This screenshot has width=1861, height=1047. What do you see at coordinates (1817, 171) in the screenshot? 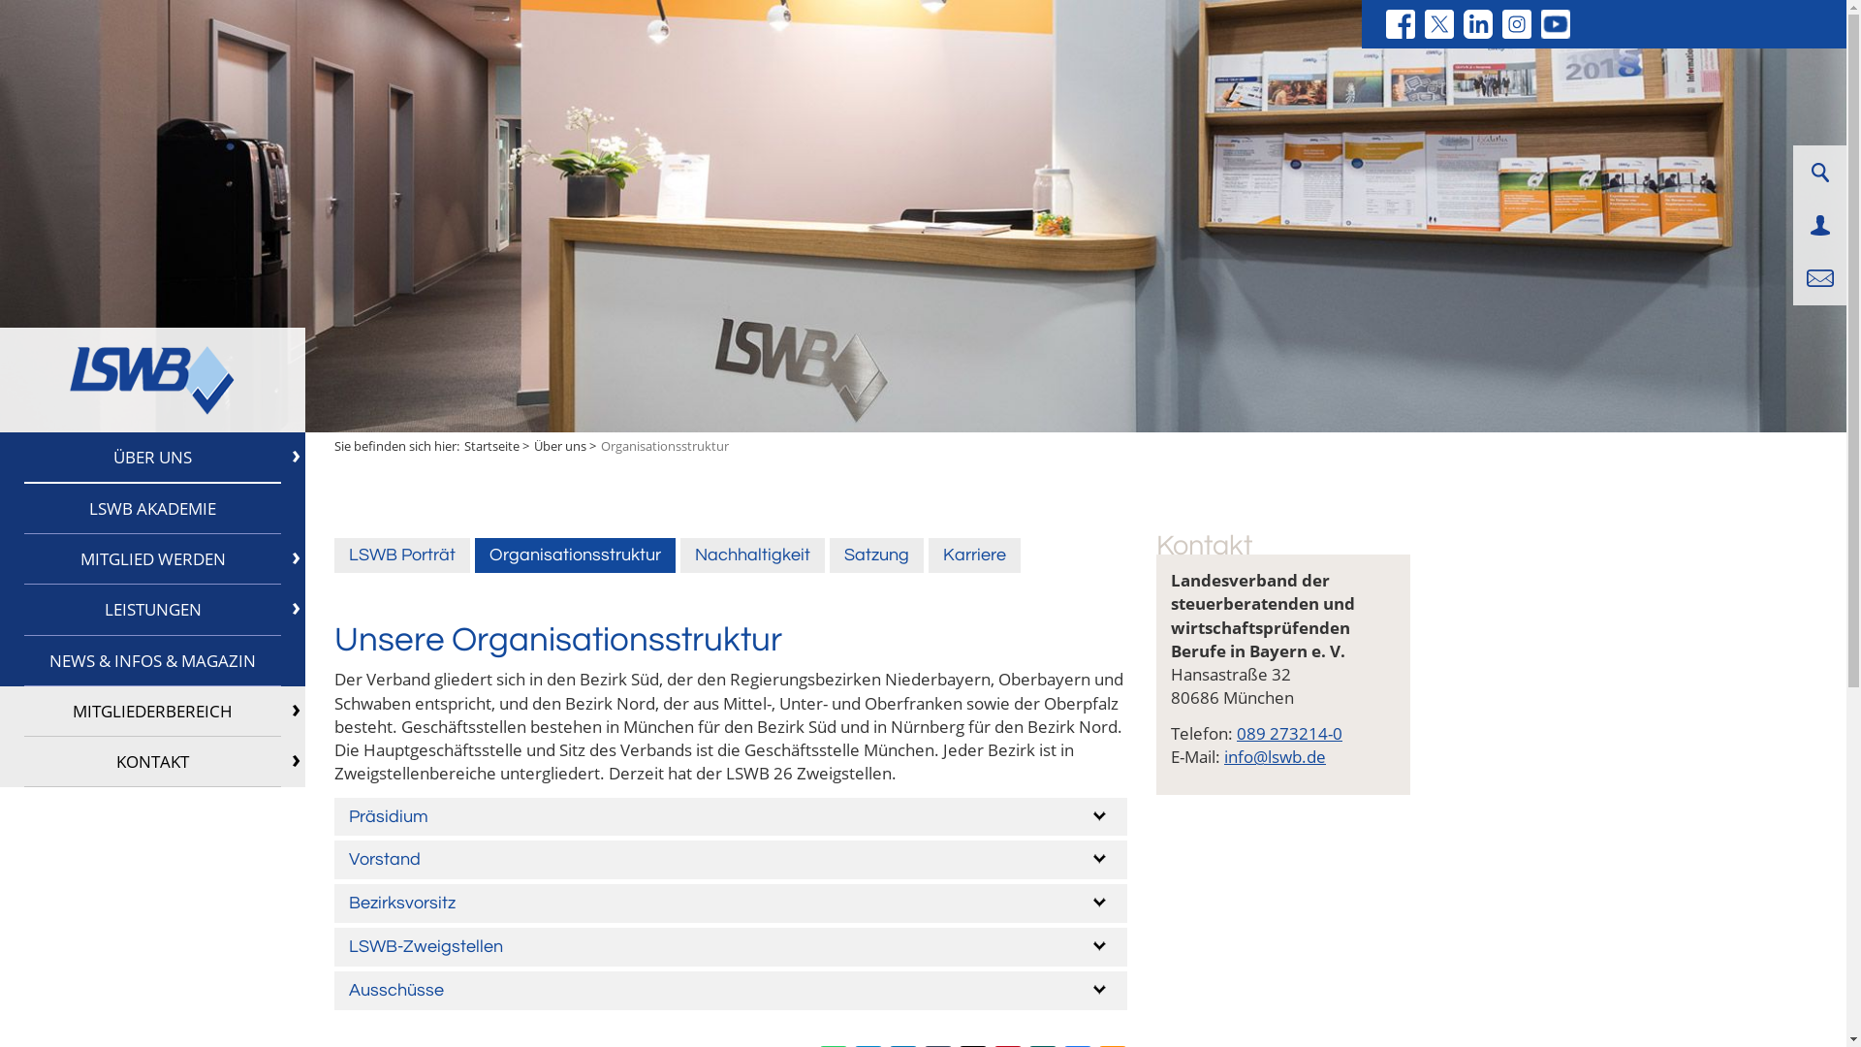
I see `'Suche'` at bounding box center [1817, 171].